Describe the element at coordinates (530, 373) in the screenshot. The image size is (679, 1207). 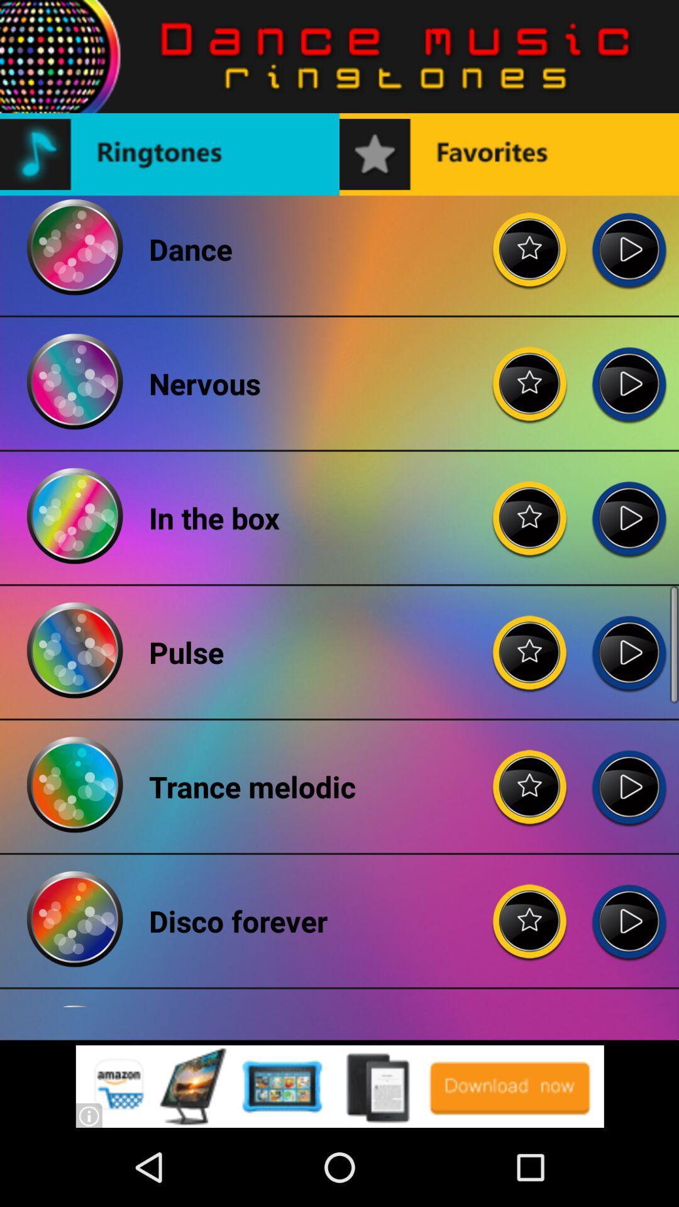
I see `to favorites` at that location.